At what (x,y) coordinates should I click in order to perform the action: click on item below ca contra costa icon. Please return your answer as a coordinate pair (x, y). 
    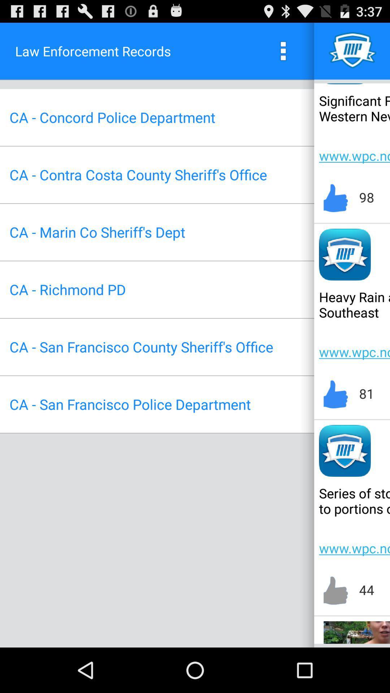
    Looking at the image, I should click on (97, 232).